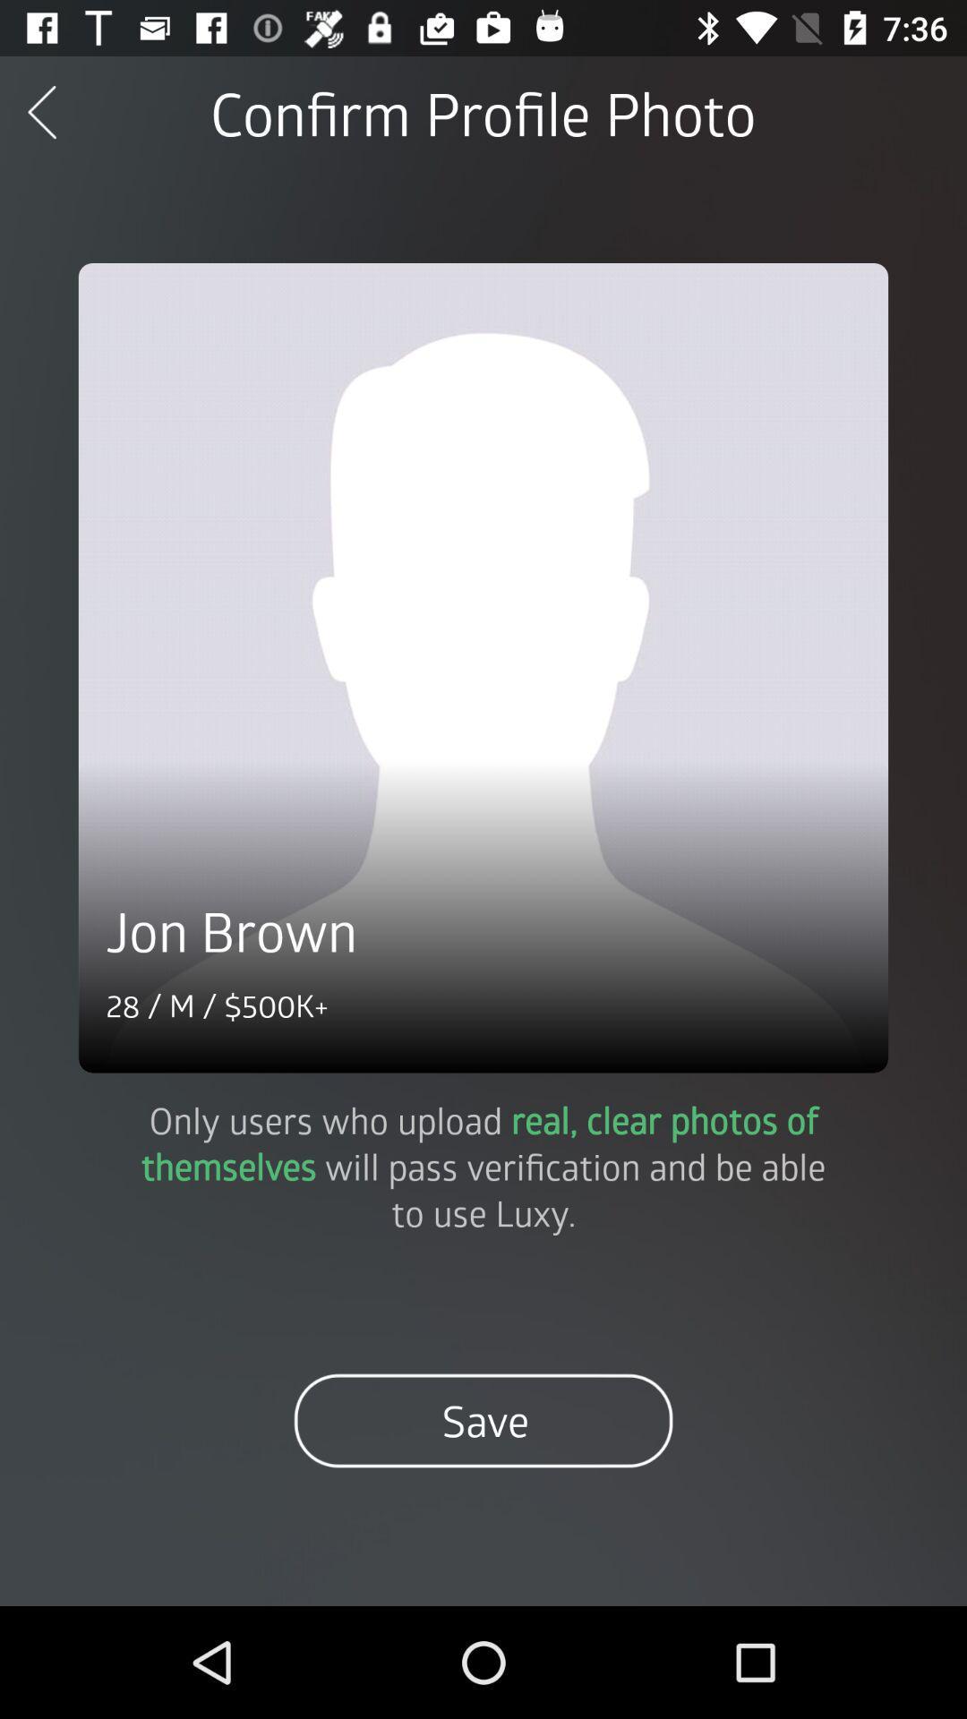  I want to click on icon above only users who item, so click(483, 667).